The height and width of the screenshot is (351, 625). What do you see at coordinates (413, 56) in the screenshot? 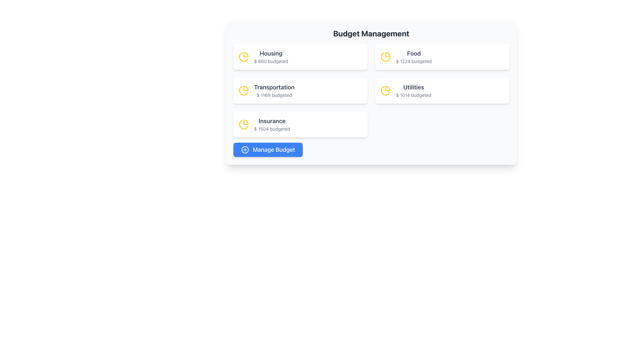
I see `textual information displayed in the Textual Information Display, which shows 'Food' in bold and '$ 1224 budgeted' below it` at bounding box center [413, 56].